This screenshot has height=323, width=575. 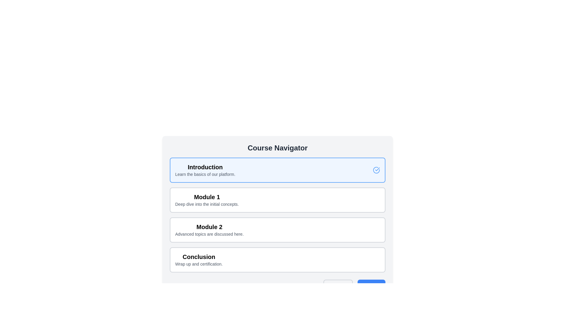 I want to click on the module Introduction to view its details, so click(x=277, y=170).